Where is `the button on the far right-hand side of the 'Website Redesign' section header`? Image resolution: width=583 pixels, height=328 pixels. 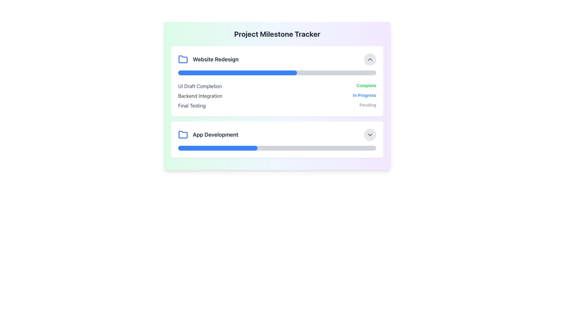
the button on the far right-hand side of the 'Website Redesign' section header is located at coordinates (370, 60).